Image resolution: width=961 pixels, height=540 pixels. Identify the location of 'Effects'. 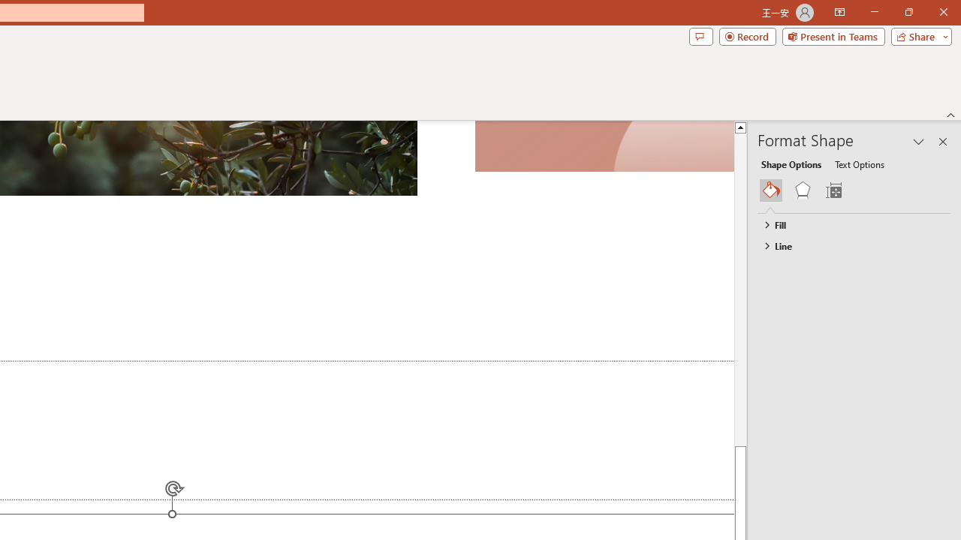
(802, 190).